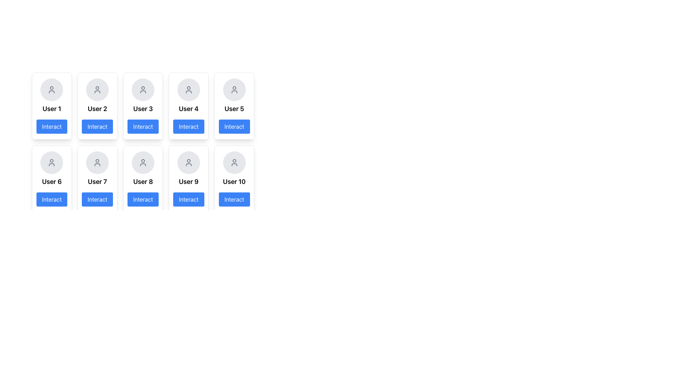  I want to click on the 10th user profile card in the layout, so click(234, 178).